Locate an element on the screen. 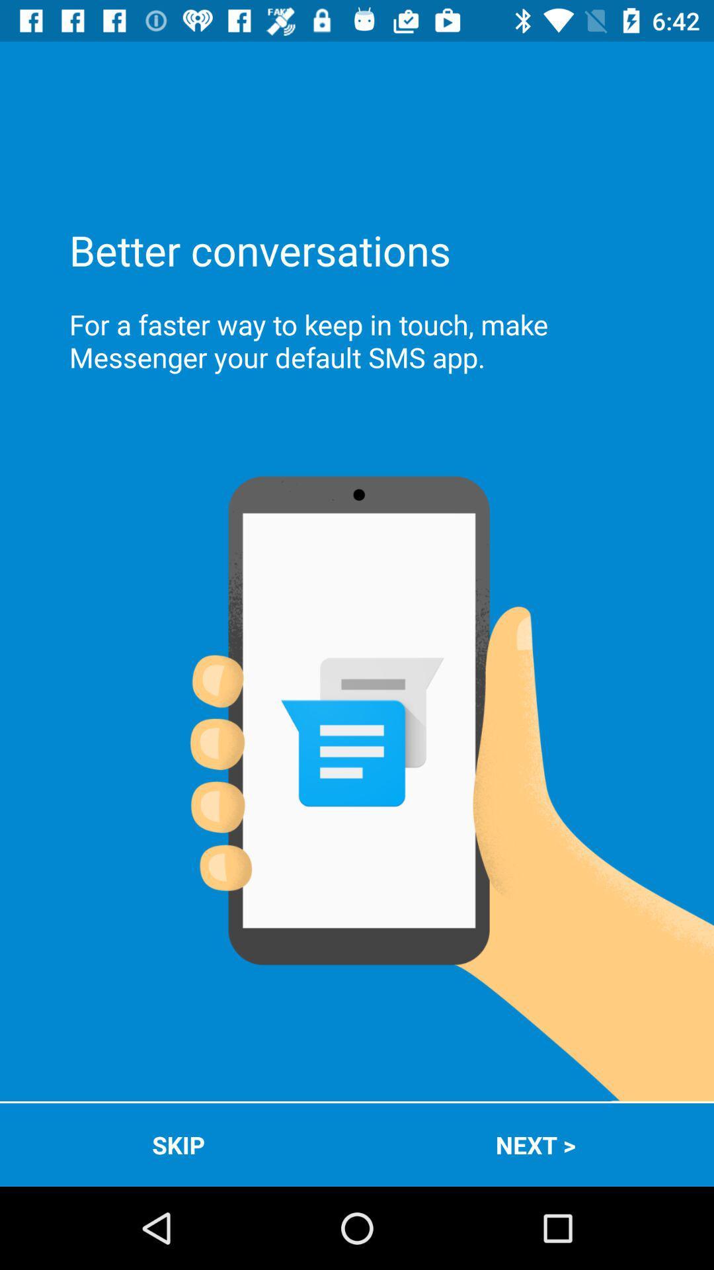 This screenshot has width=714, height=1270. the app at the bottom right corner is located at coordinates (535, 1144).